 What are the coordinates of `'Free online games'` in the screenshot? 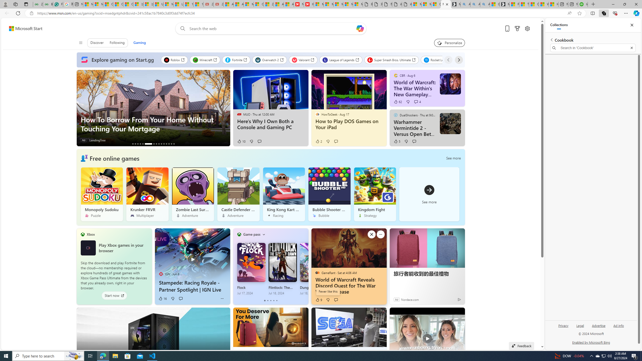 It's located at (114, 158).